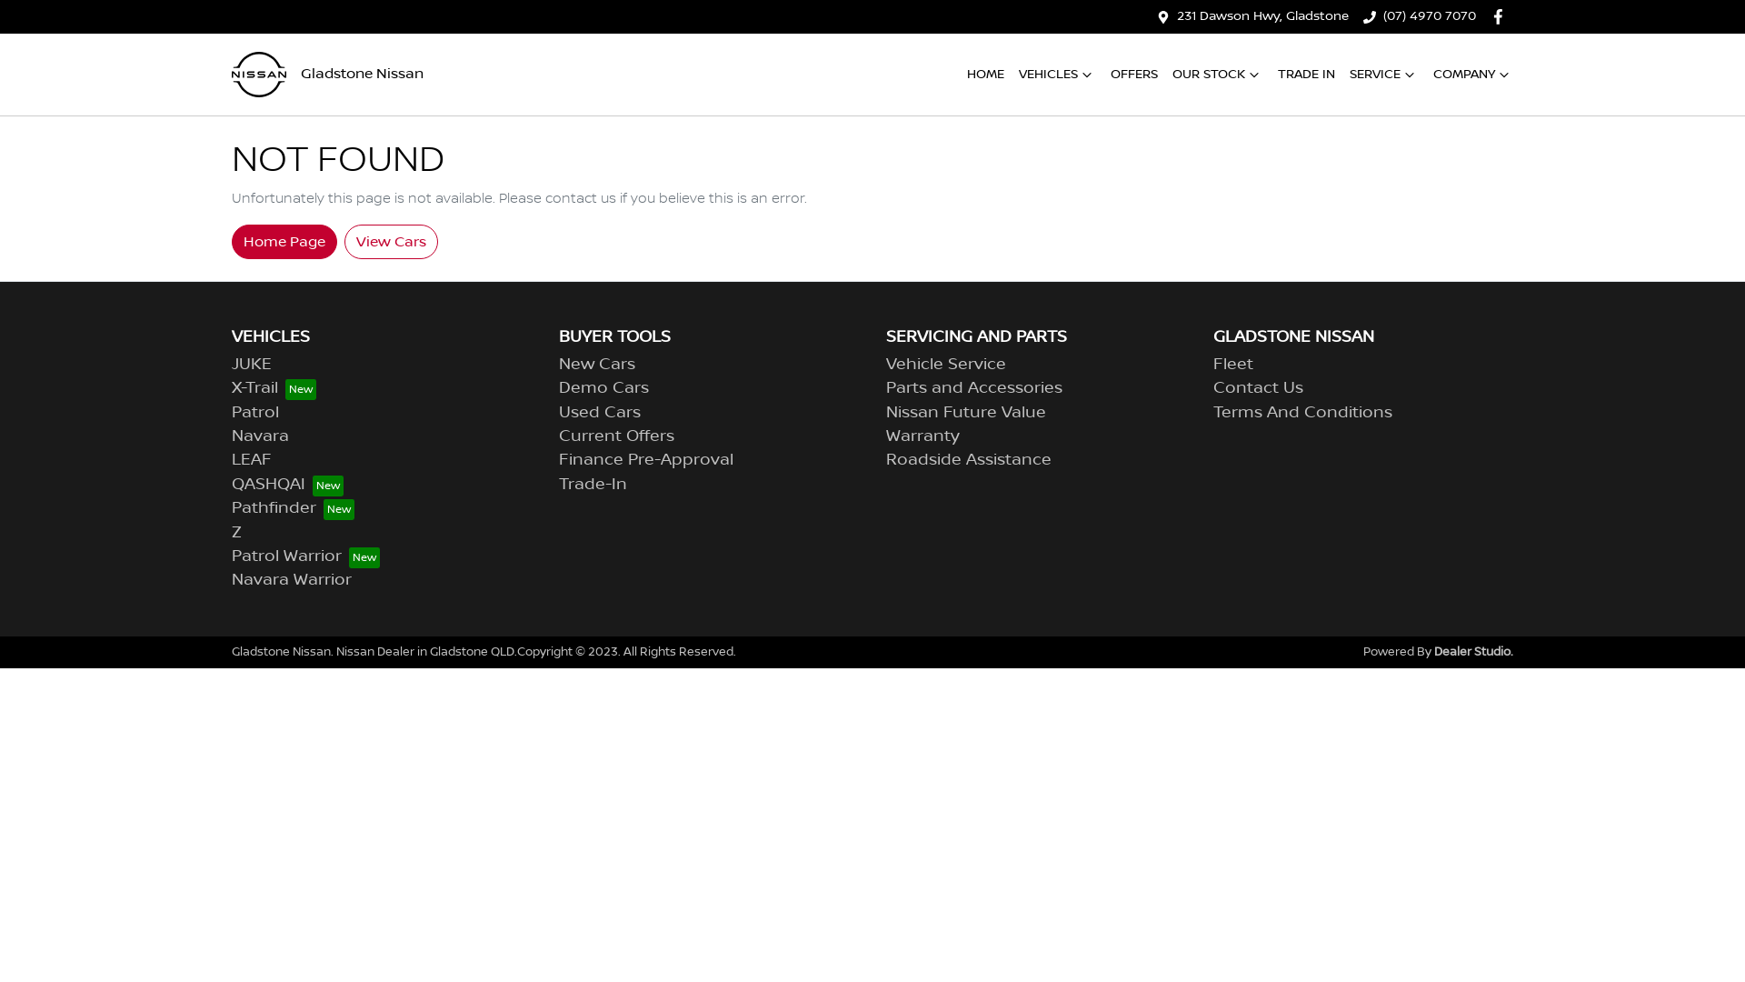 This screenshot has height=982, width=1745. What do you see at coordinates (254, 413) in the screenshot?
I see `'Patrol'` at bounding box center [254, 413].